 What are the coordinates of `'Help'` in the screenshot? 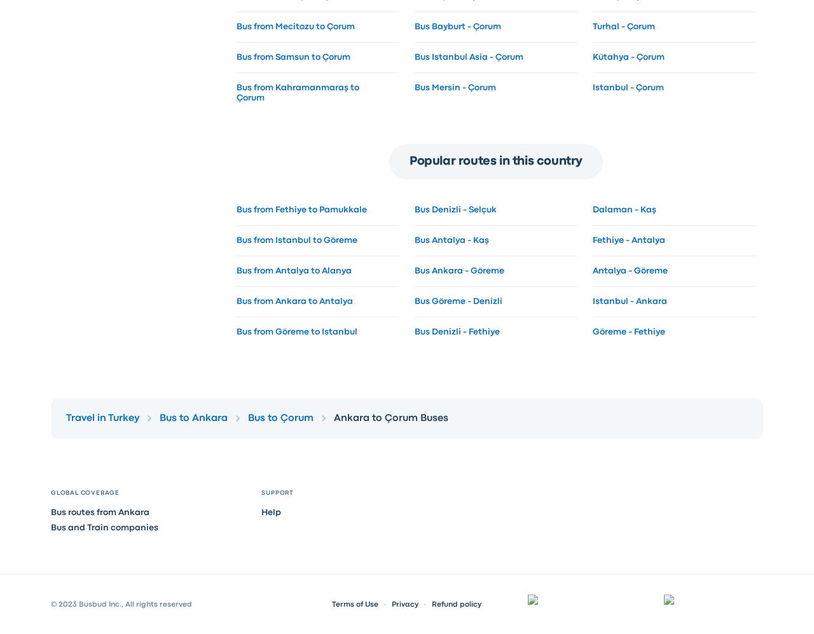 It's located at (270, 511).